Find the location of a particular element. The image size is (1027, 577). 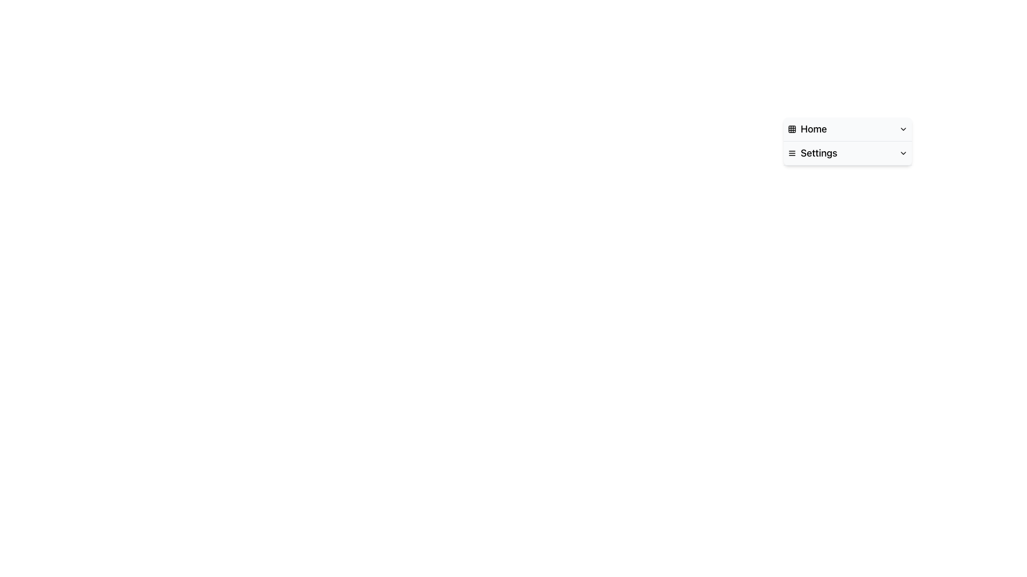

the hamburger menu icon located to the left of the 'Settings' text in the second item of the vertical list is located at coordinates (792, 153).